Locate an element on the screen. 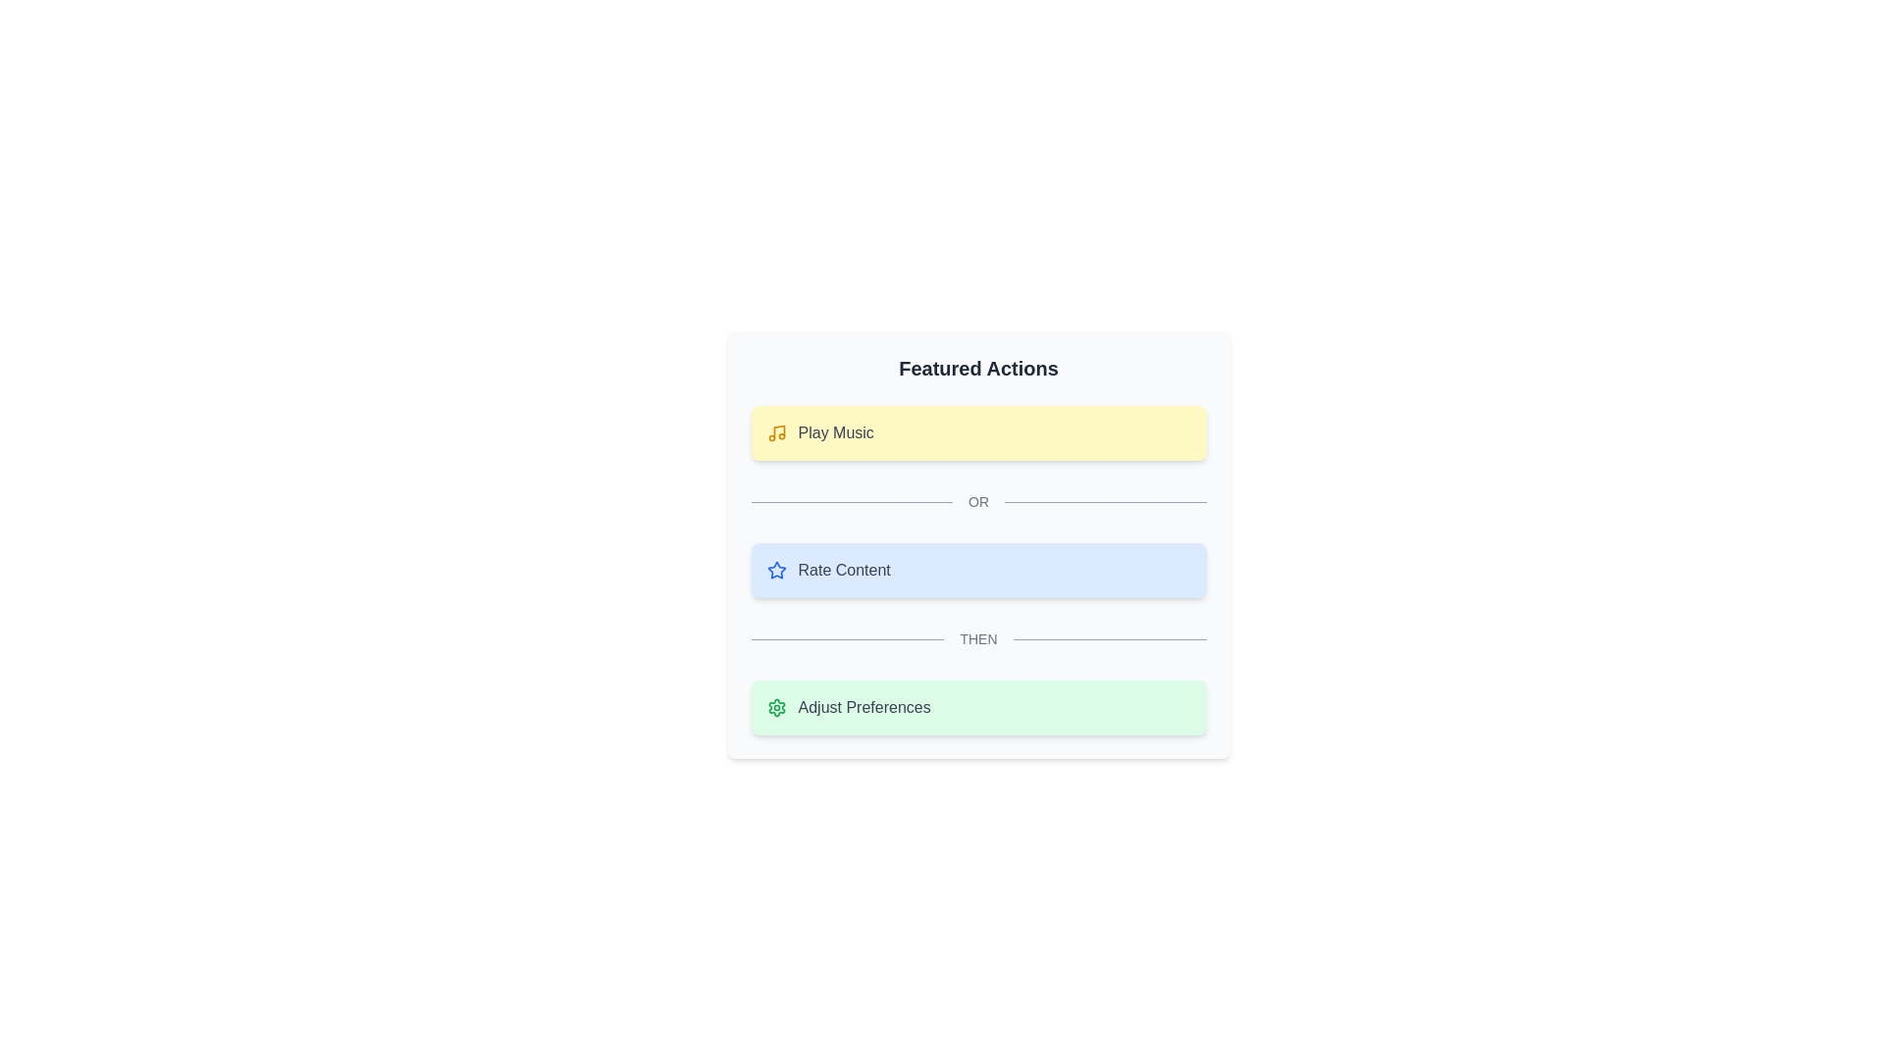  the text label displaying 'THEN', which is styled in medium-weight gray font and positioned between two horizontal lines is located at coordinates (978, 638).